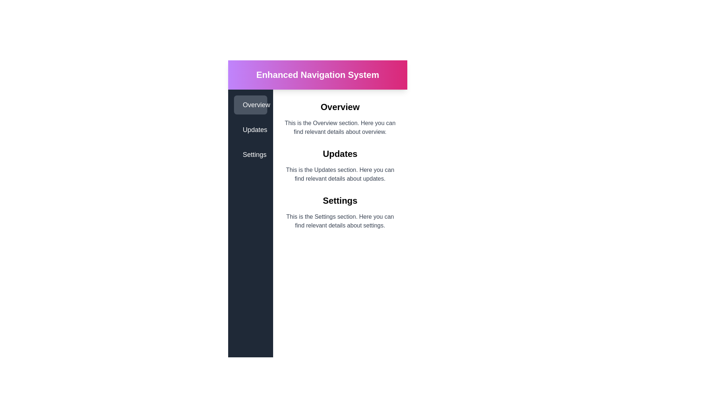  Describe the element at coordinates (250, 154) in the screenshot. I see `the 'Settings' button located in the vertical navigation menu, which is the third button in the list with white text on a dark background` at that location.